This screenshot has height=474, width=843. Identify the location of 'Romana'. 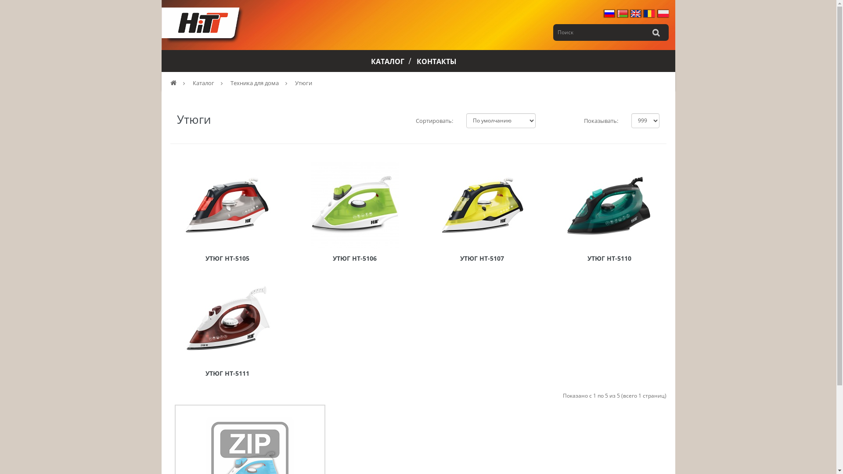
(649, 13).